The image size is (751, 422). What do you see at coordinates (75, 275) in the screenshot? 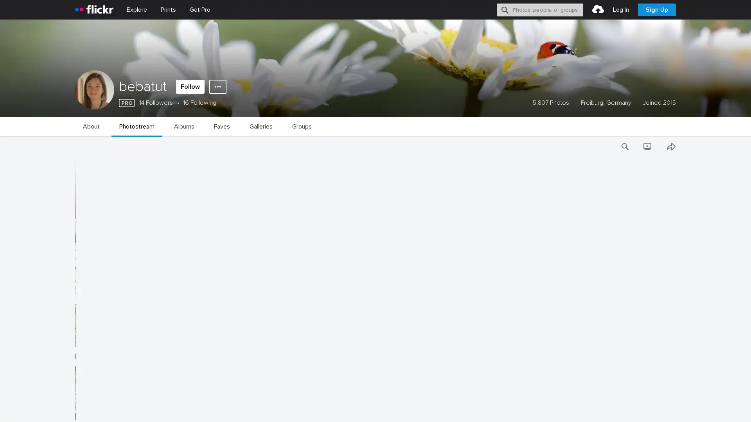
I see `Add to Favorites` at bounding box center [75, 275].